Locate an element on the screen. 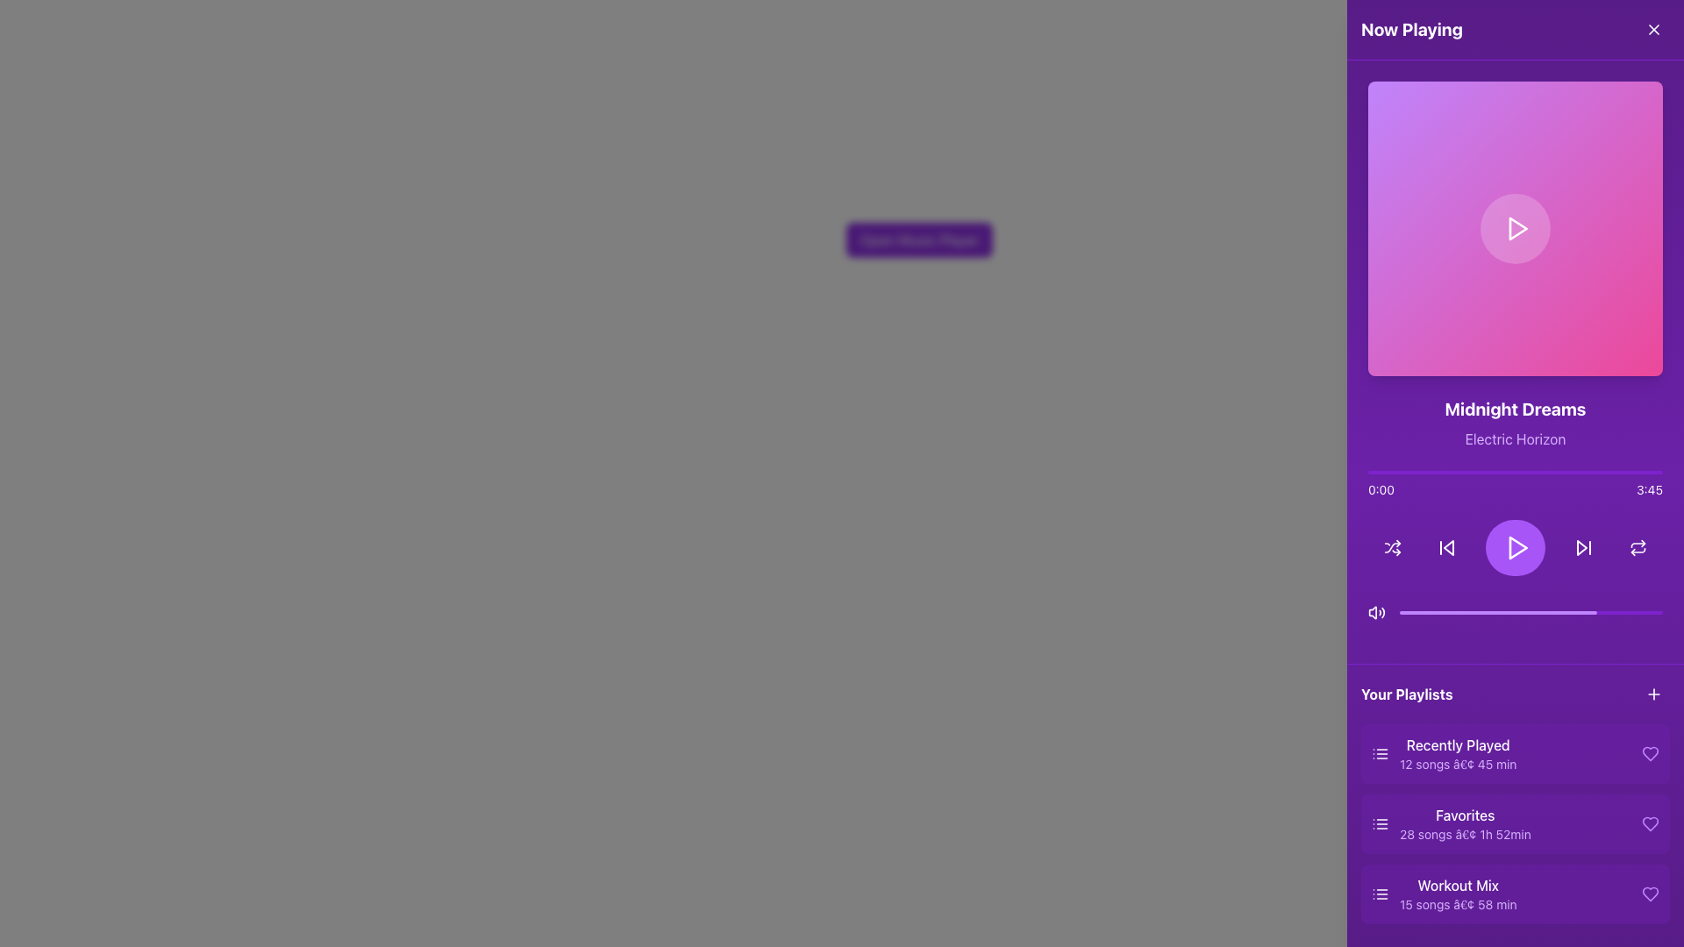 The width and height of the screenshot is (1684, 947). the list icon representing the 'Workout Mix' playlist in the 'Your Playlists' section is located at coordinates (1380, 894).